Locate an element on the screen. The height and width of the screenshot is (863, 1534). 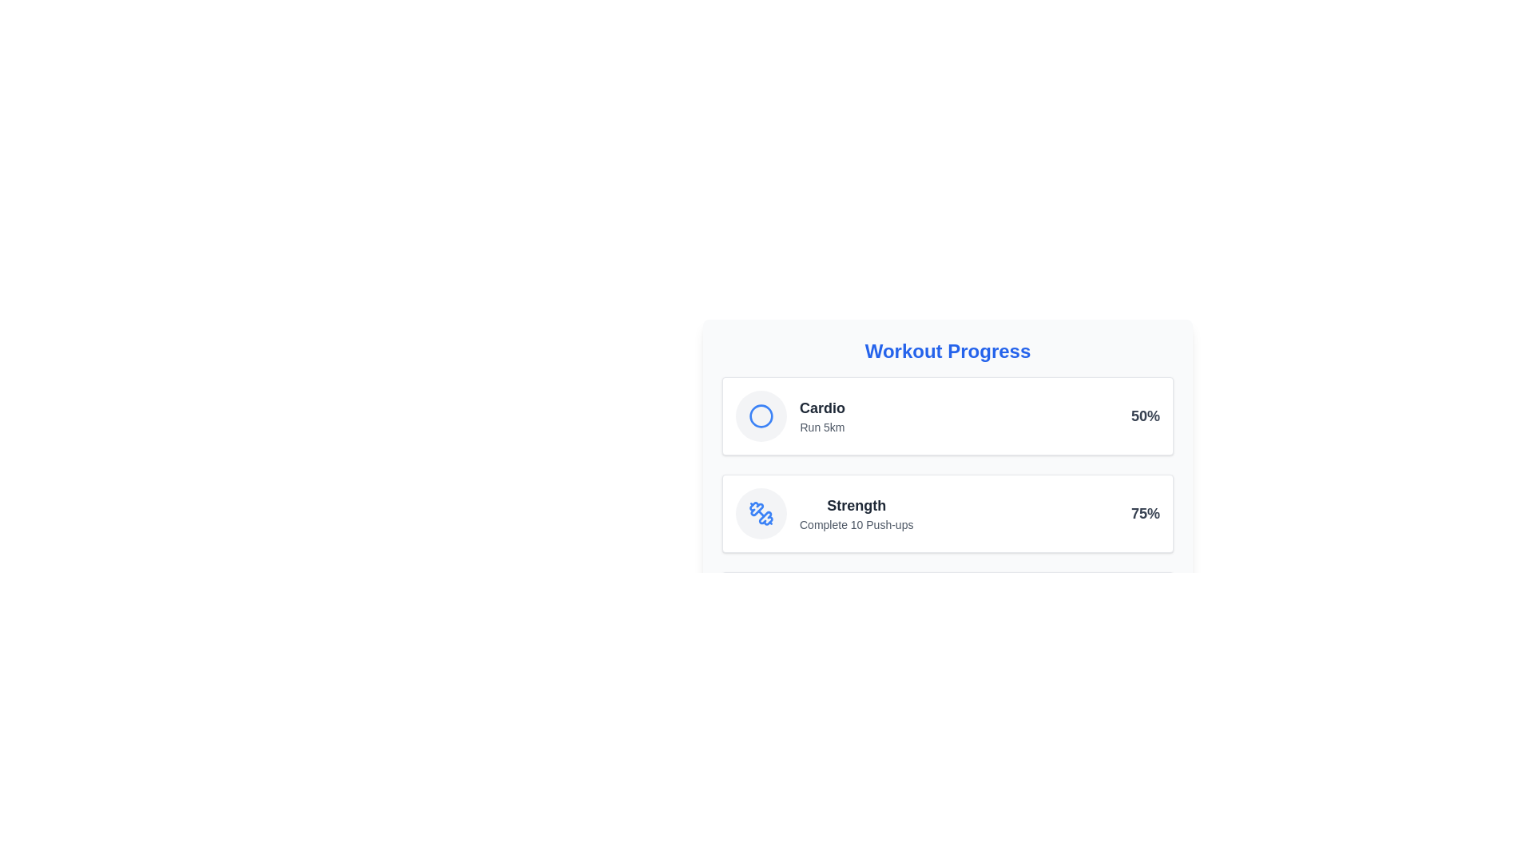
the second list item element displaying the progress and details for the 'Strength' activity in the user's workout tracking interface is located at coordinates (948, 514).